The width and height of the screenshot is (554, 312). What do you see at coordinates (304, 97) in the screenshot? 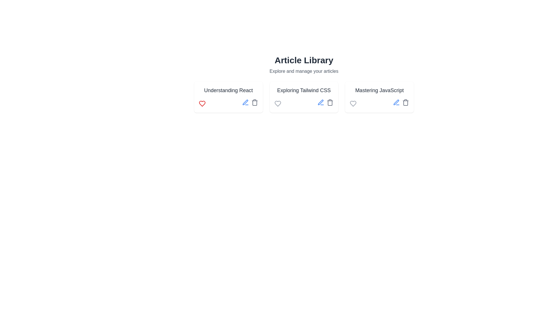
I see `the interactive card titled 'Exploring Tailwind CSS'` at bounding box center [304, 97].